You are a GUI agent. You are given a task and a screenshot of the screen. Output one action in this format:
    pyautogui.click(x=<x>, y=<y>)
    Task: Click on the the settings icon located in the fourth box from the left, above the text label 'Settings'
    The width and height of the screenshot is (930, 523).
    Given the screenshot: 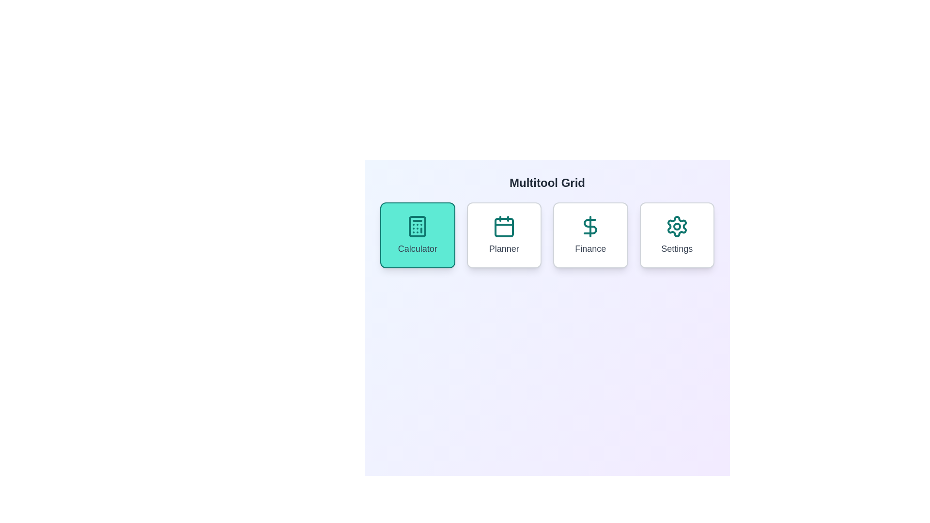 What is the action you would take?
    pyautogui.click(x=676, y=226)
    